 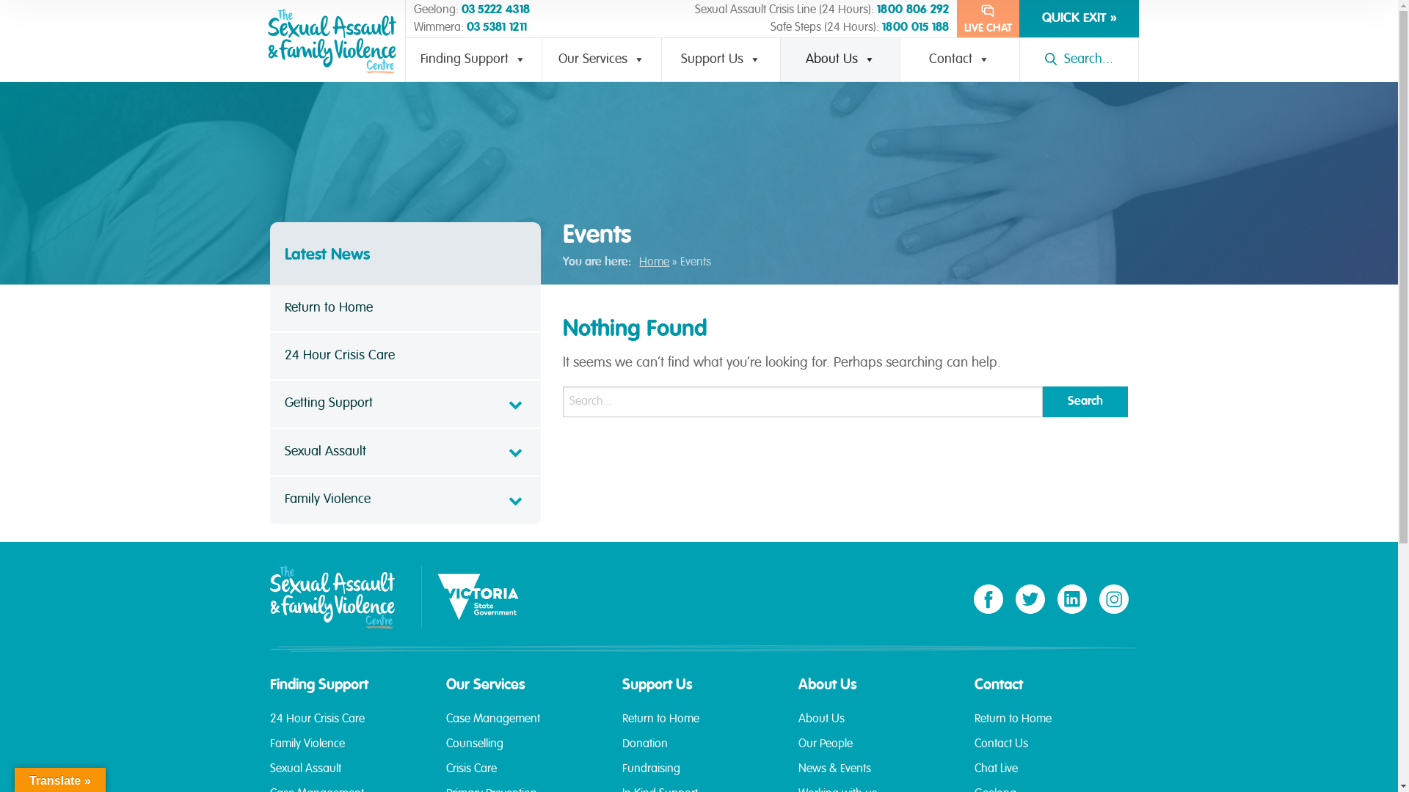 I want to click on 'Counselling', so click(x=523, y=750).